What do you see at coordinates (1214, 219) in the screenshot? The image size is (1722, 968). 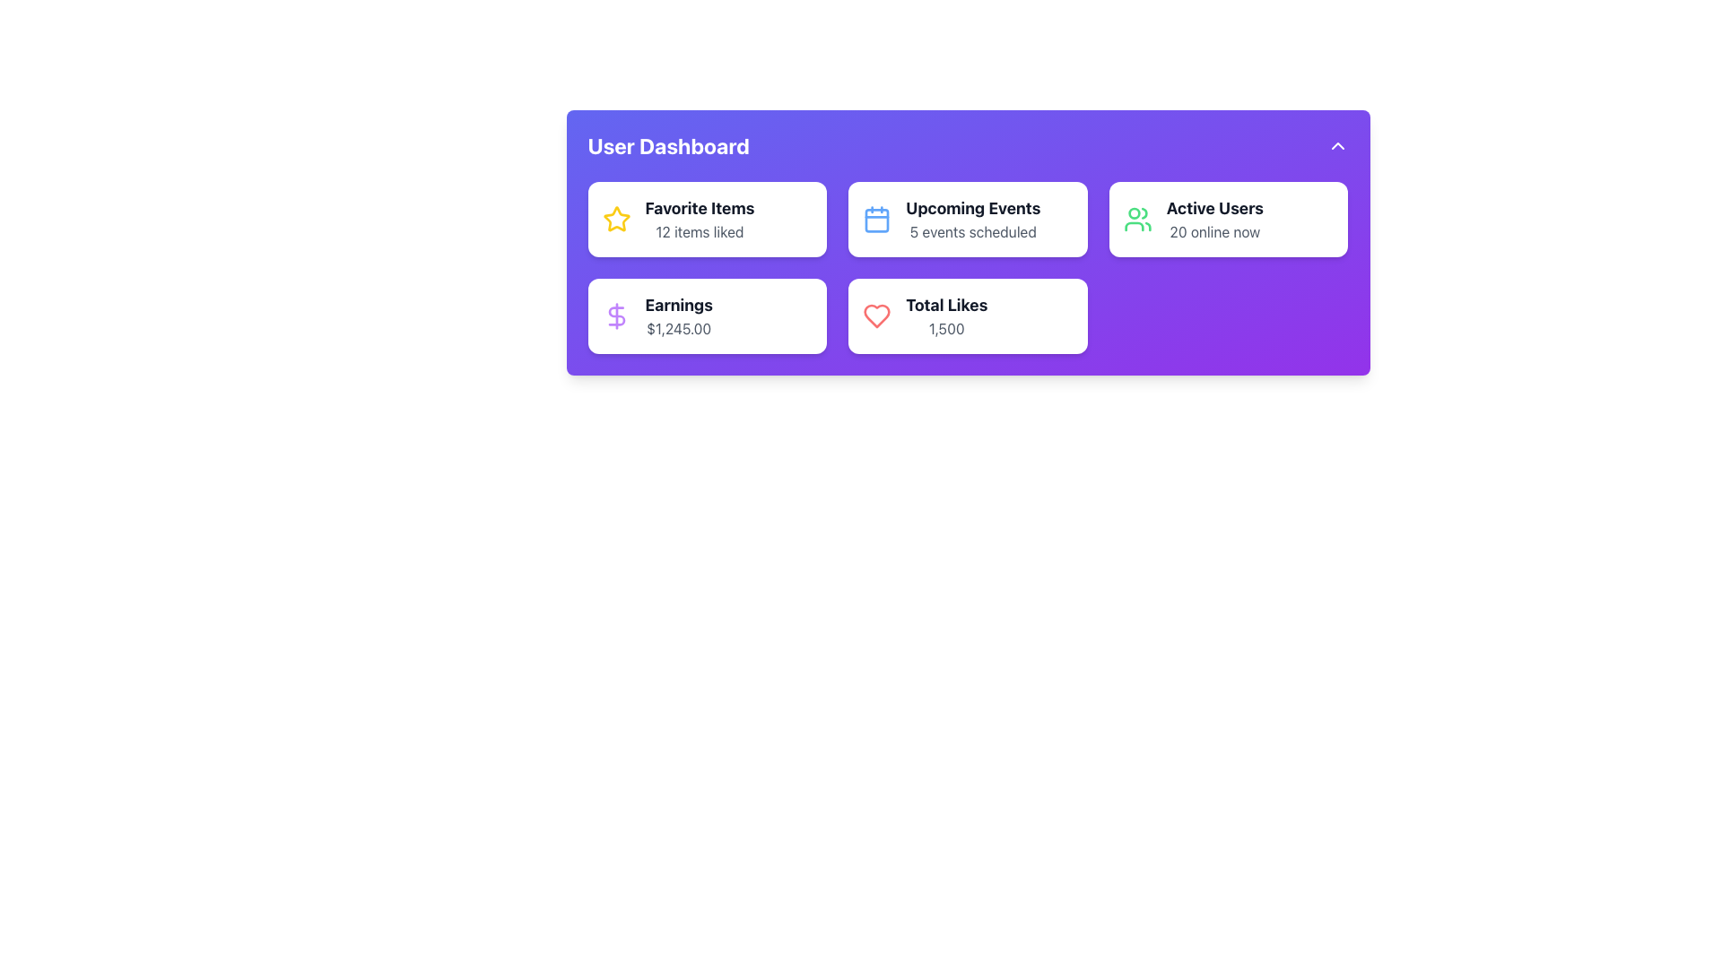 I see `the Text Display element that shows 'Active Users' and '20 online now', located in the top-right corner of a white card within a four-card grid layout` at bounding box center [1214, 219].